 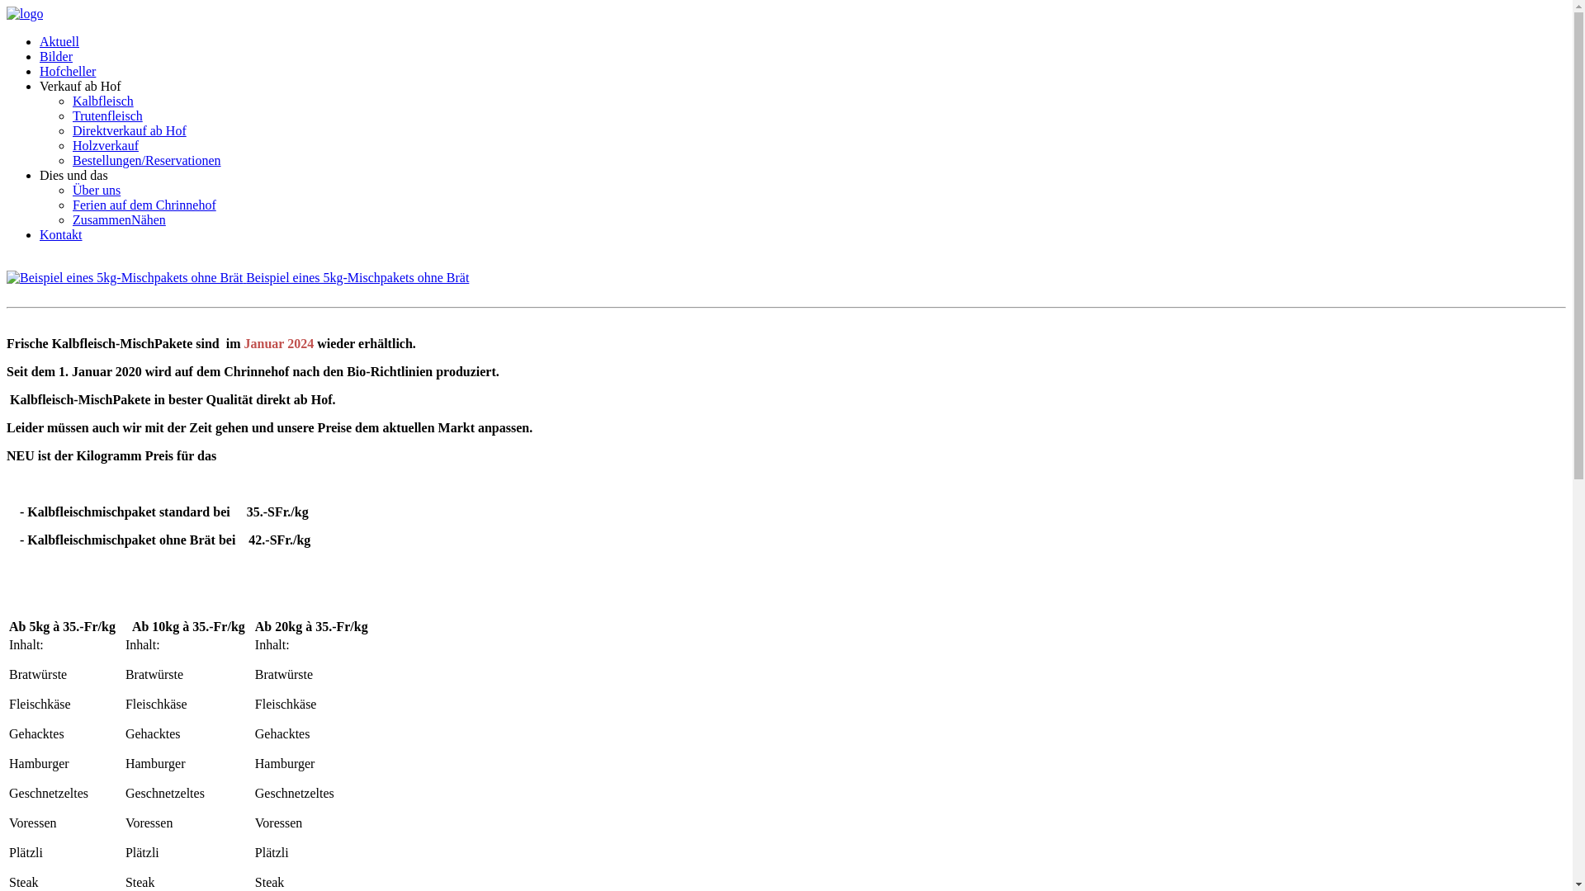 I want to click on 'Holzverkauf', so click(x=71, y=144).